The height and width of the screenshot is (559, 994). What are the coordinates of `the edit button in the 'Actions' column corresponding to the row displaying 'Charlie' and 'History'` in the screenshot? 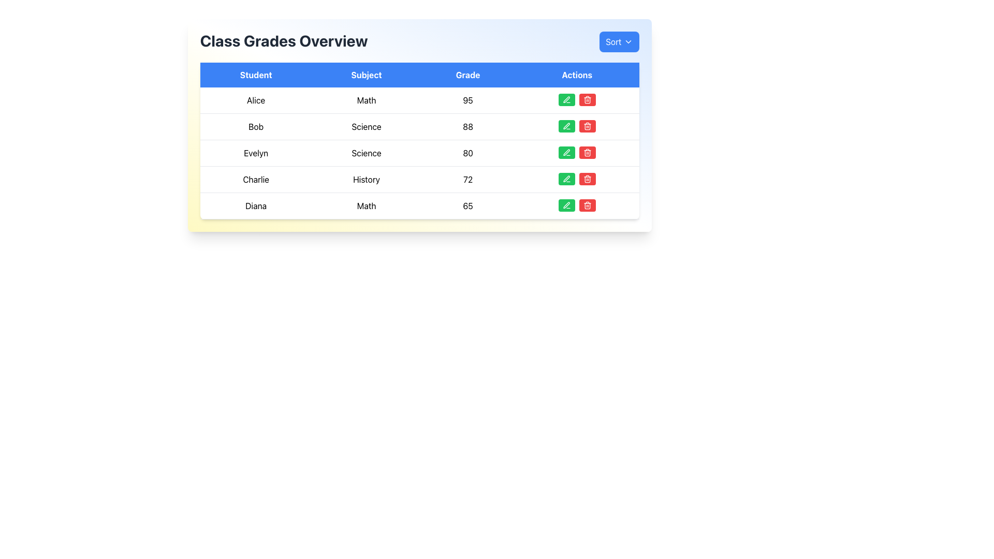 It's located at (566, 179).